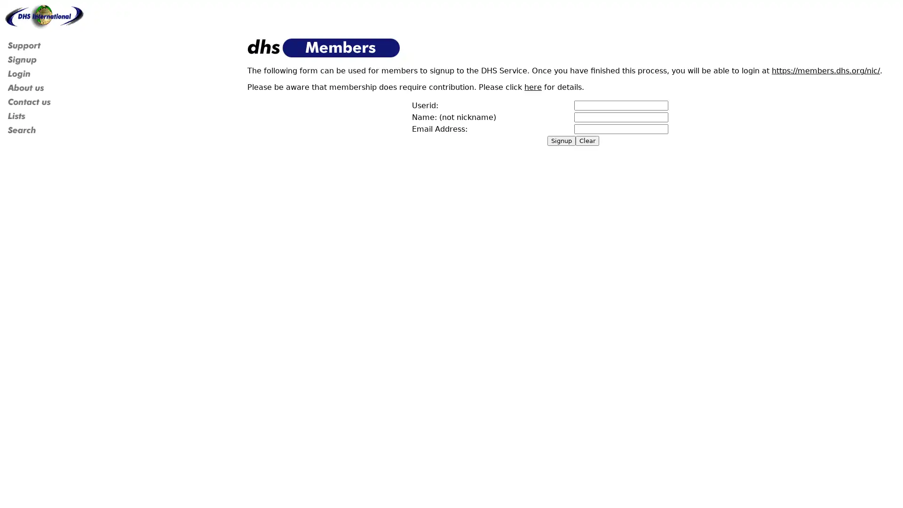 The height and width of the screenshot is (508, 903). I want to click on Clear, so click(586, 141).